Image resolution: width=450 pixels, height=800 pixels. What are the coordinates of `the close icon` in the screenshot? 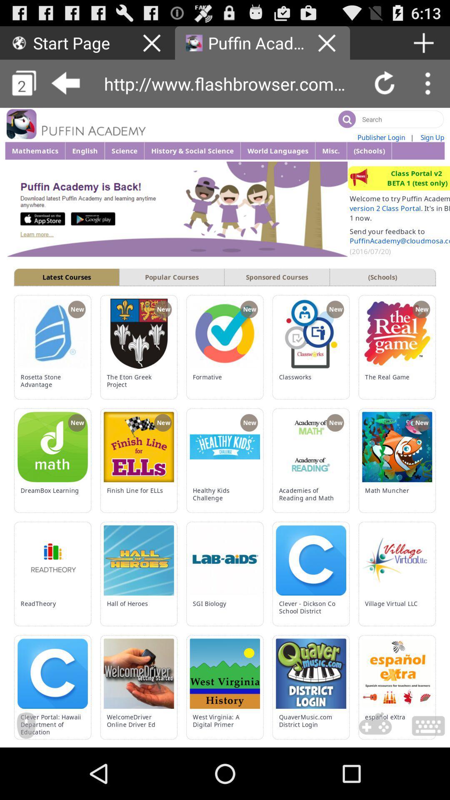 It's located at (327, 45).